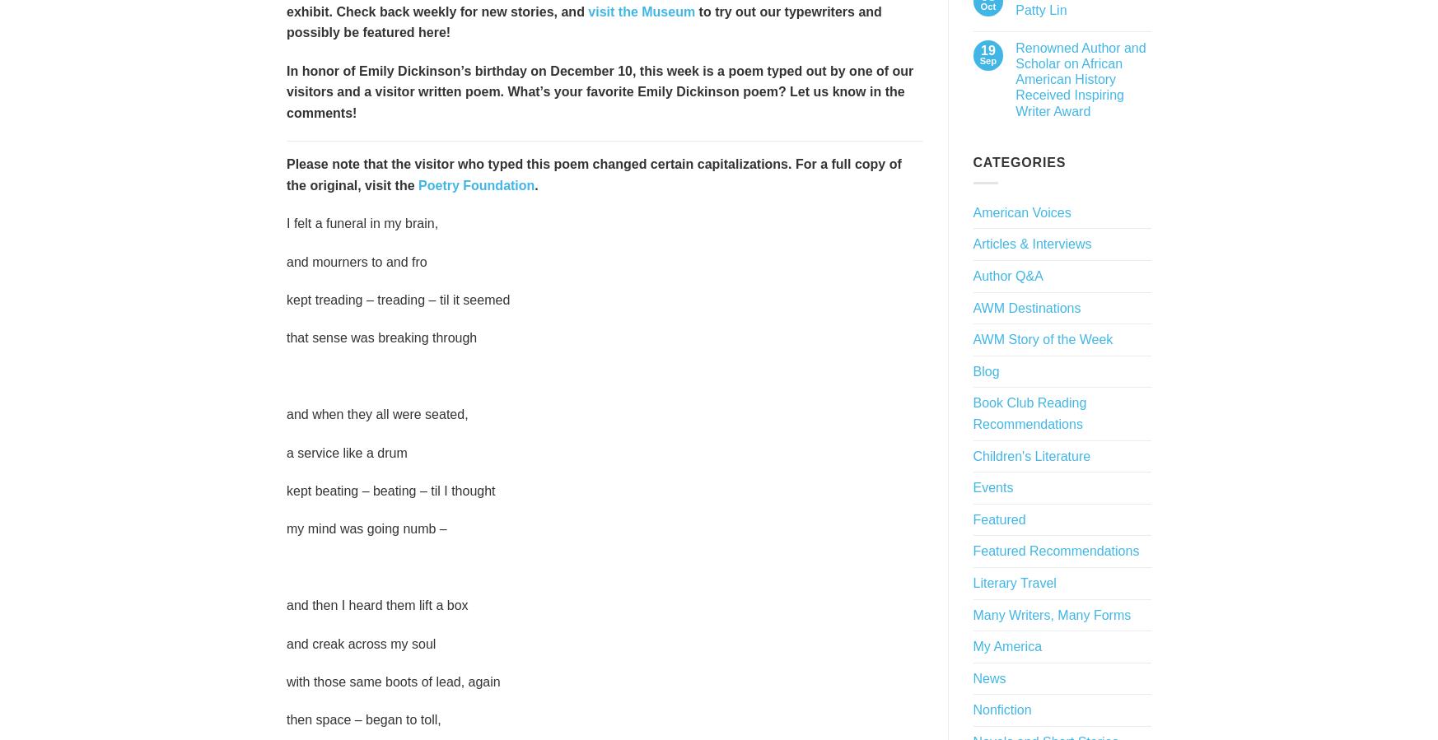 The width and height of the screenshot is (1438, 740). I want to click on 'Please note that the visitor who typed this poem changed certain capitalizations. For a full copy of the original, visit the', so click(592, 174).